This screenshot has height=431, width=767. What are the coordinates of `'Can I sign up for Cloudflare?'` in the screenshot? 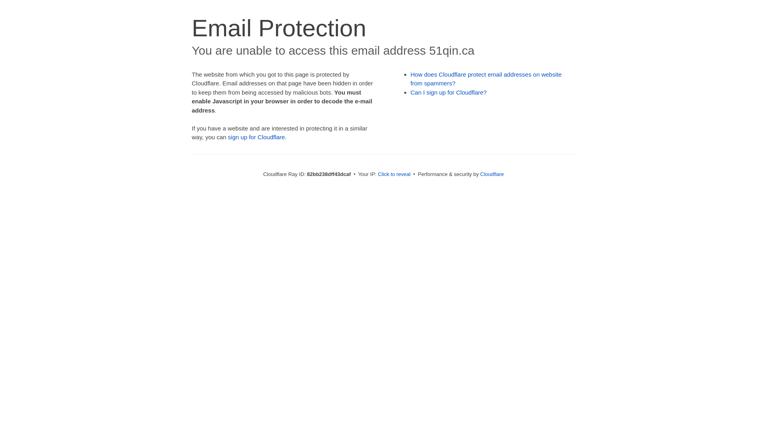 It's located at (449, 92).